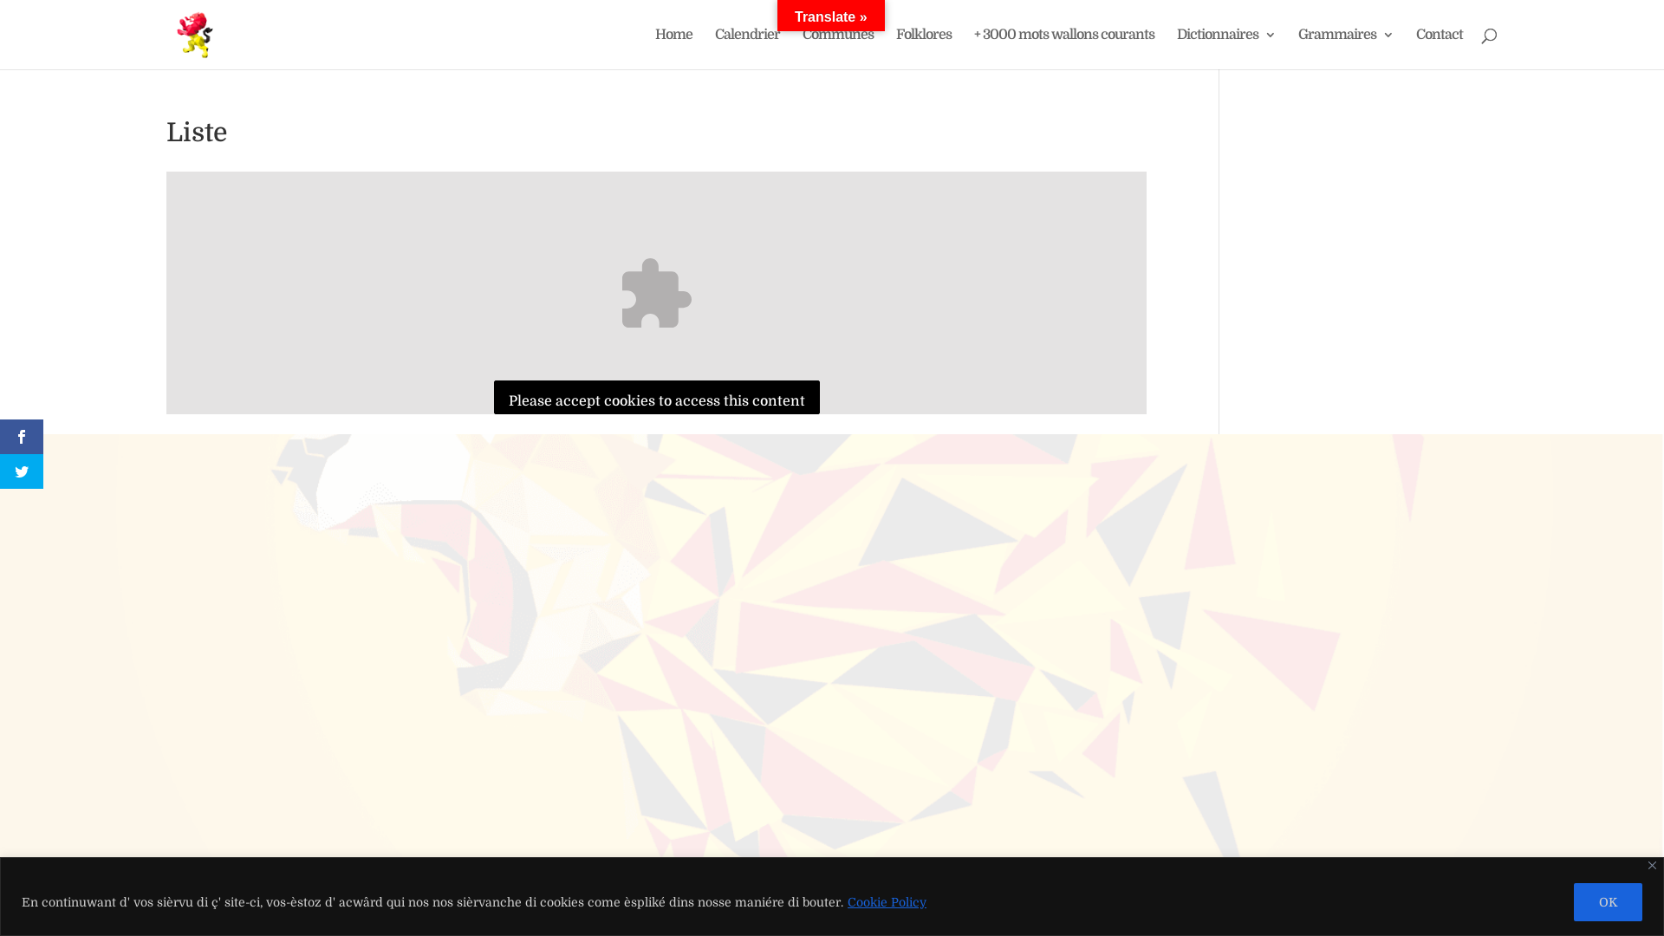 This screenshot has height=936, width=1664. Describe the element at coordinates (895, 48) in the screenshot. I see `'Folklores'` at that location.